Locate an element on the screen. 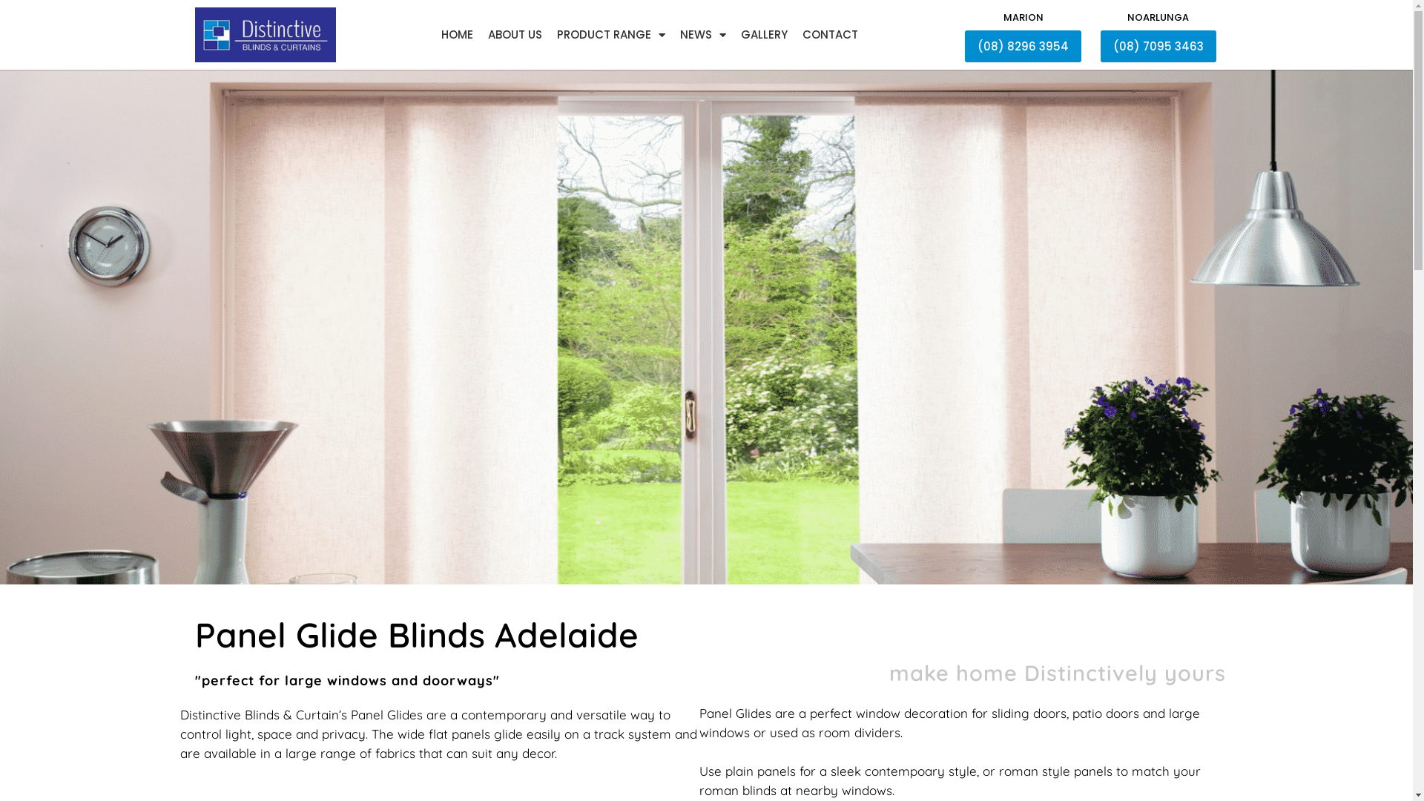  '(08) 8296 3954' is located at coordinates (1022, 45).